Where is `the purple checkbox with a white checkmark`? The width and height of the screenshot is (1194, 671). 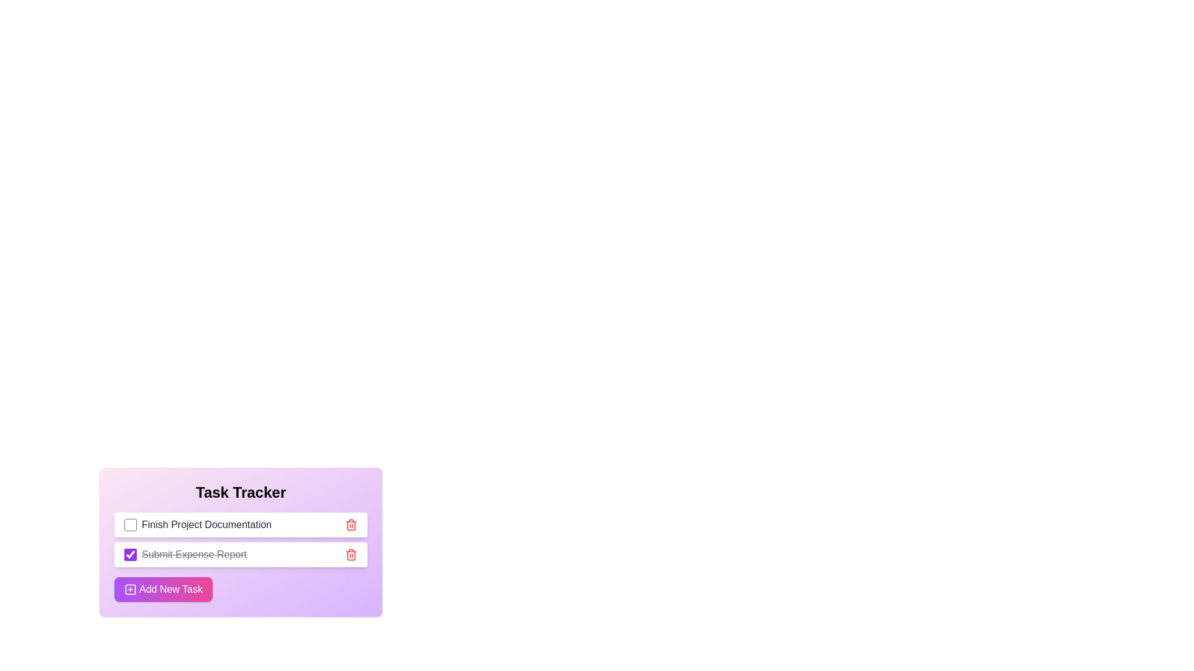 the purple checkbox with a white checkmark is located at coordinates (131, 554).